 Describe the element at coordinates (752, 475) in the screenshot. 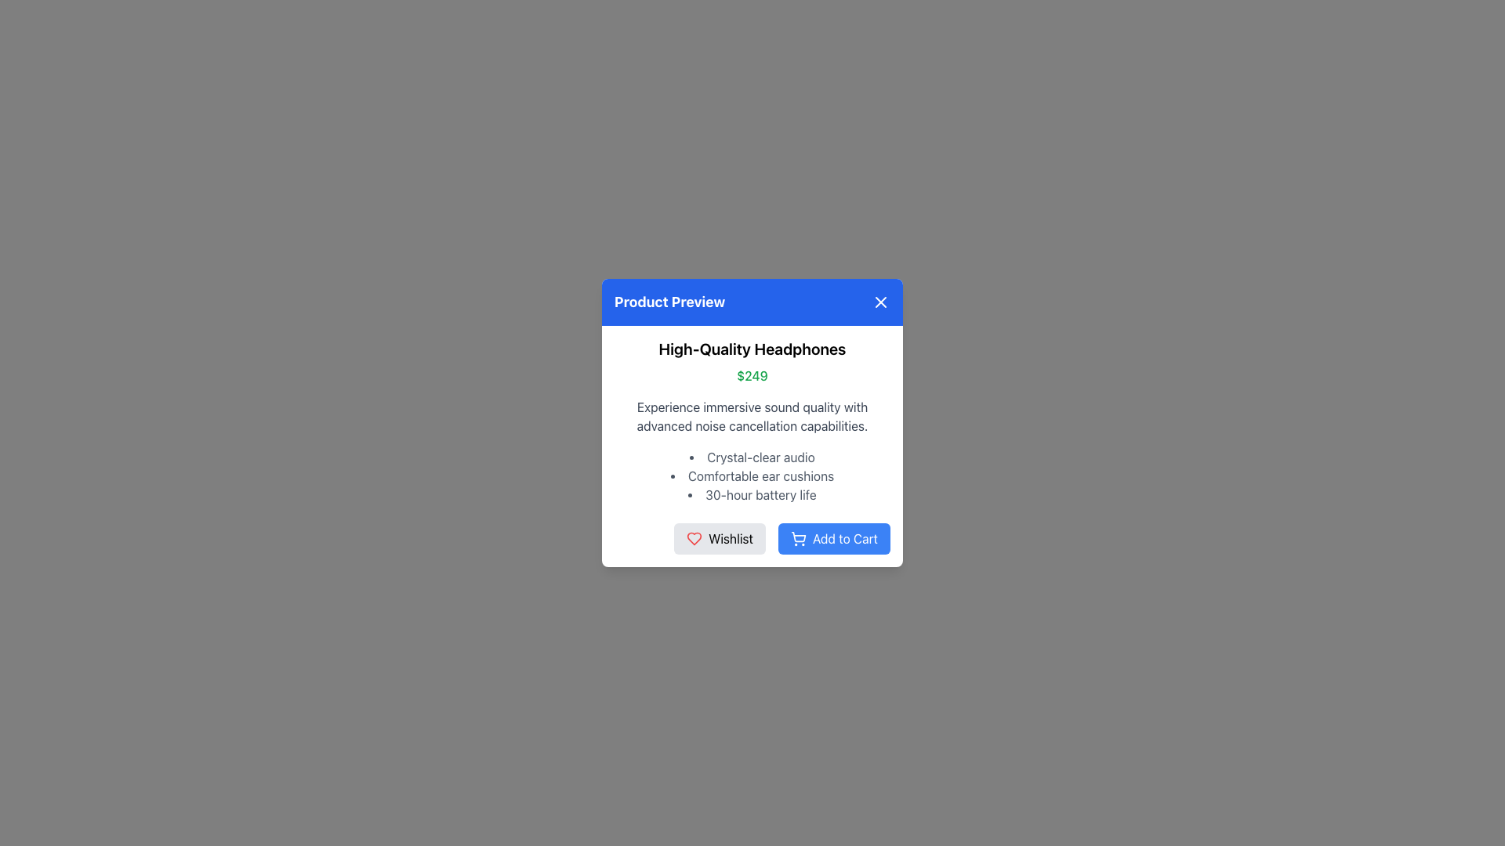

I see `the second item in the informational bullet point list of the product preview dialog box, which highlights a feature of the product` at that location.